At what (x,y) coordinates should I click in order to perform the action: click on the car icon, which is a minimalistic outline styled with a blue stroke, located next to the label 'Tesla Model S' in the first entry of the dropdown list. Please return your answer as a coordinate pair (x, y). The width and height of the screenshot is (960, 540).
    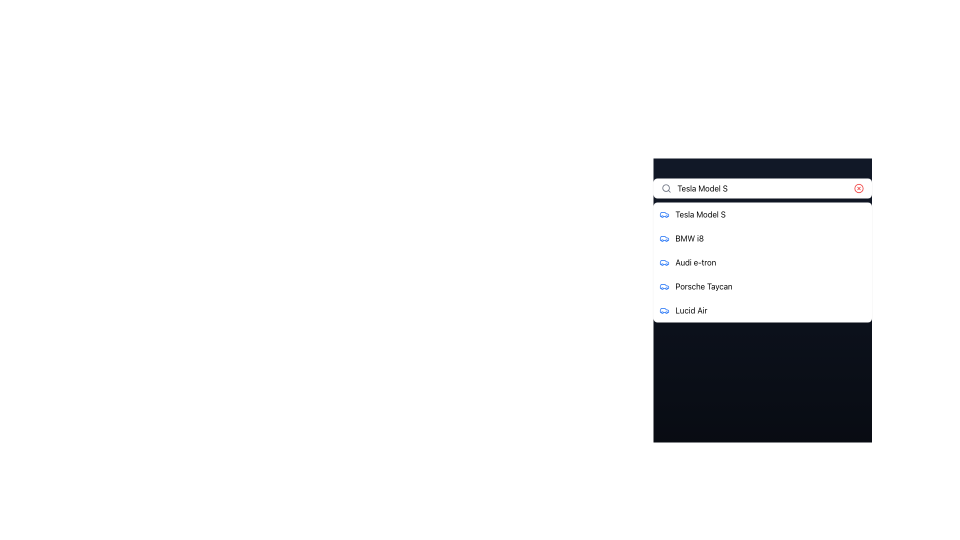
    Looking at the image, I should click on (664, 213).